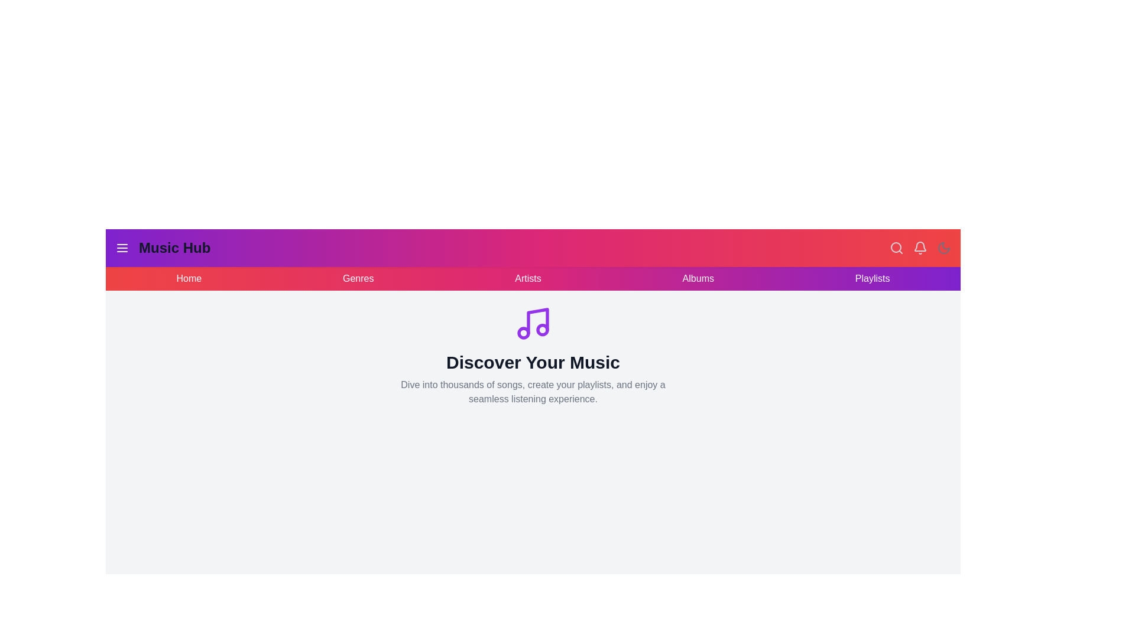 The image size is (1135, 638). What do you see at coordinates (919, 248) in the screenshot?
I see `the notification bell icon to interact with it` at bounding box center [919, 248].